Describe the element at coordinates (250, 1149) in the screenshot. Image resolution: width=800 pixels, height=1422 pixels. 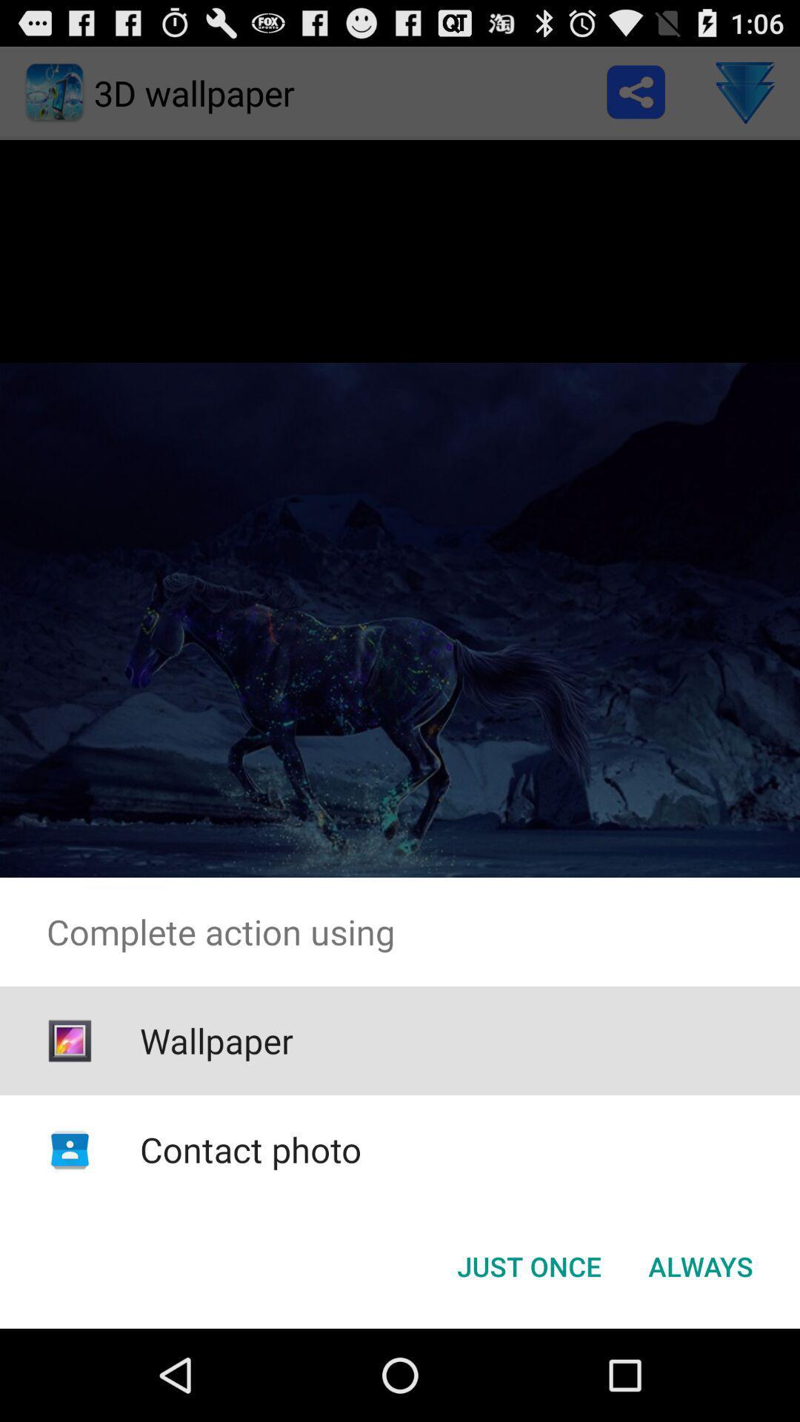
I see `contact photo app` at that location.